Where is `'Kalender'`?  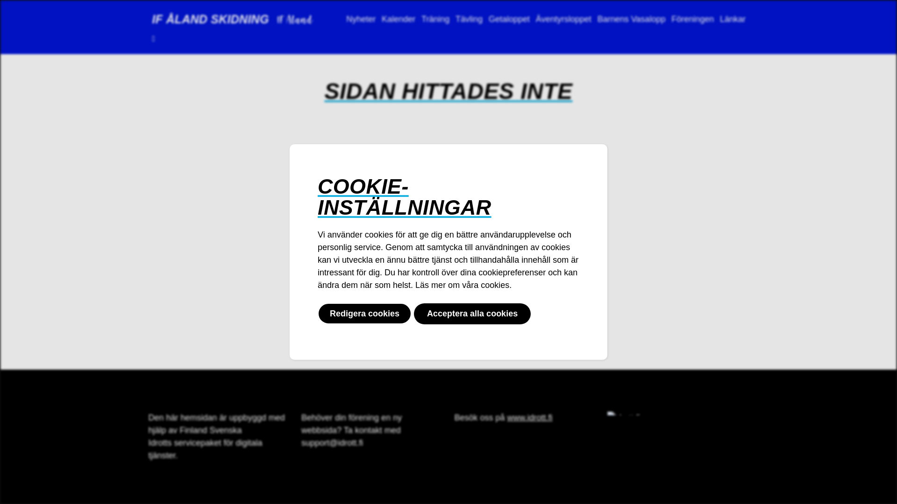 'Kalender' is located at coordinates (379, 19).